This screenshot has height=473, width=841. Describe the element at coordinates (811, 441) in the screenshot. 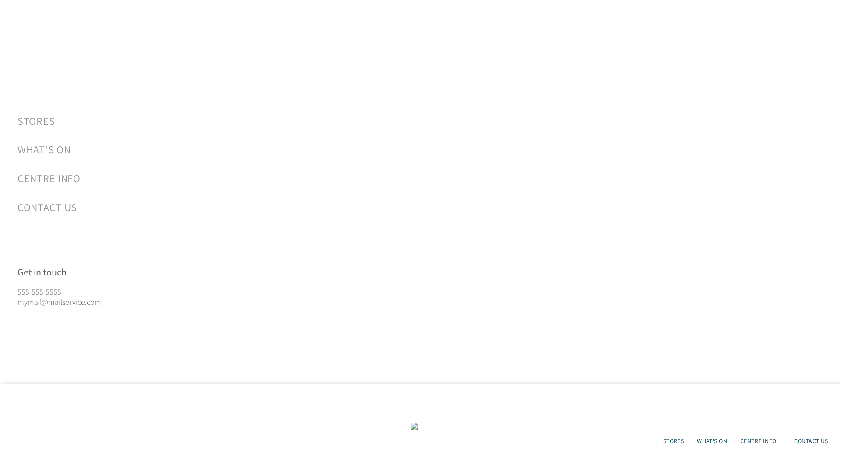

I see `'CONTACT US'` at that location.